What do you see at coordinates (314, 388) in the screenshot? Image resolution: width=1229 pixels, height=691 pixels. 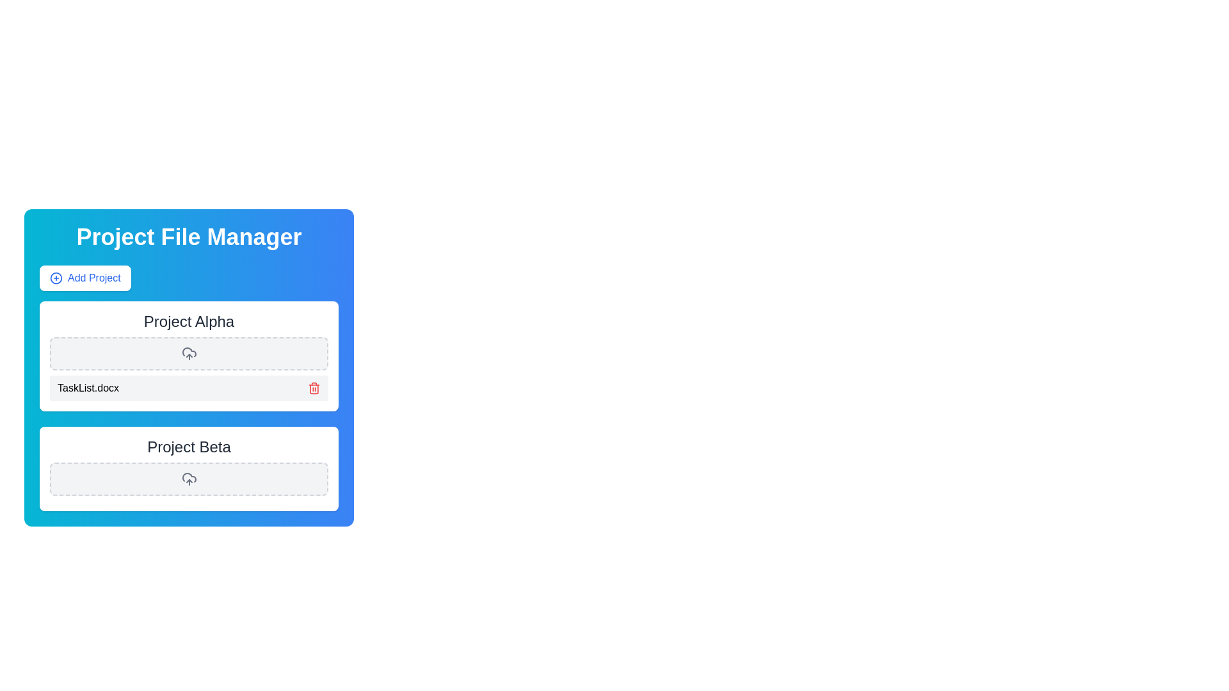 I see `the vertical border of the trash icon for deleting the file 'TaskList.docx' under 'Project Alpha', which is located on the far right side of the file row` at bounding box center [314, 388].